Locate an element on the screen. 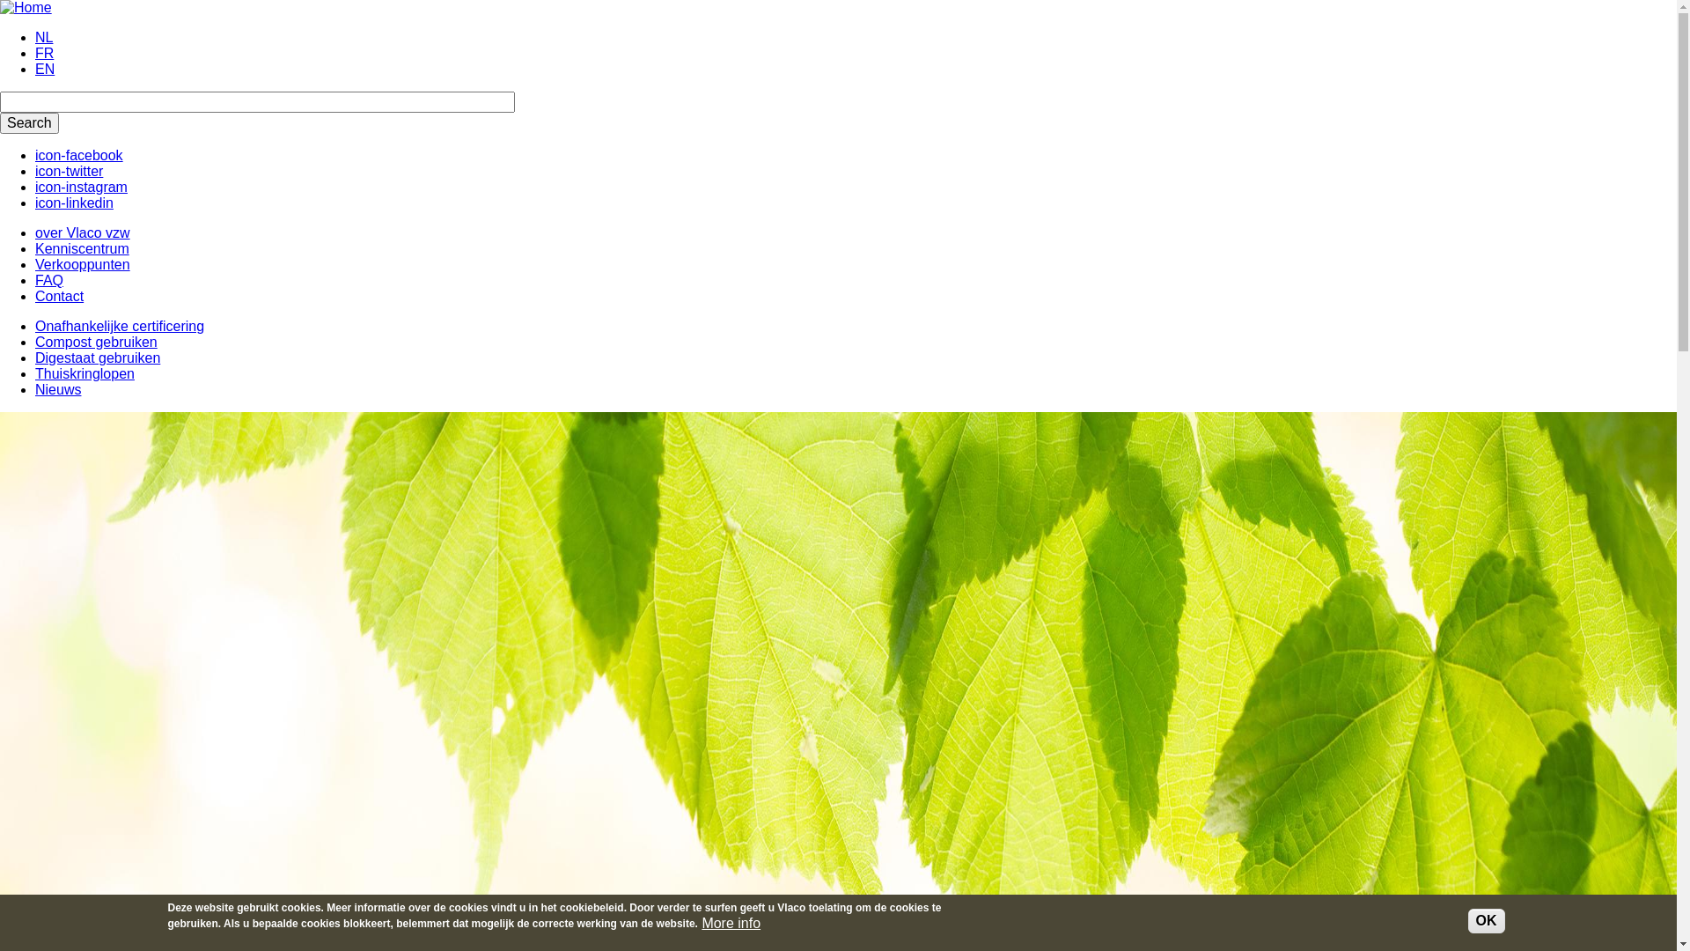  'Compost gebruiken' is located at coordinates (34, 342).